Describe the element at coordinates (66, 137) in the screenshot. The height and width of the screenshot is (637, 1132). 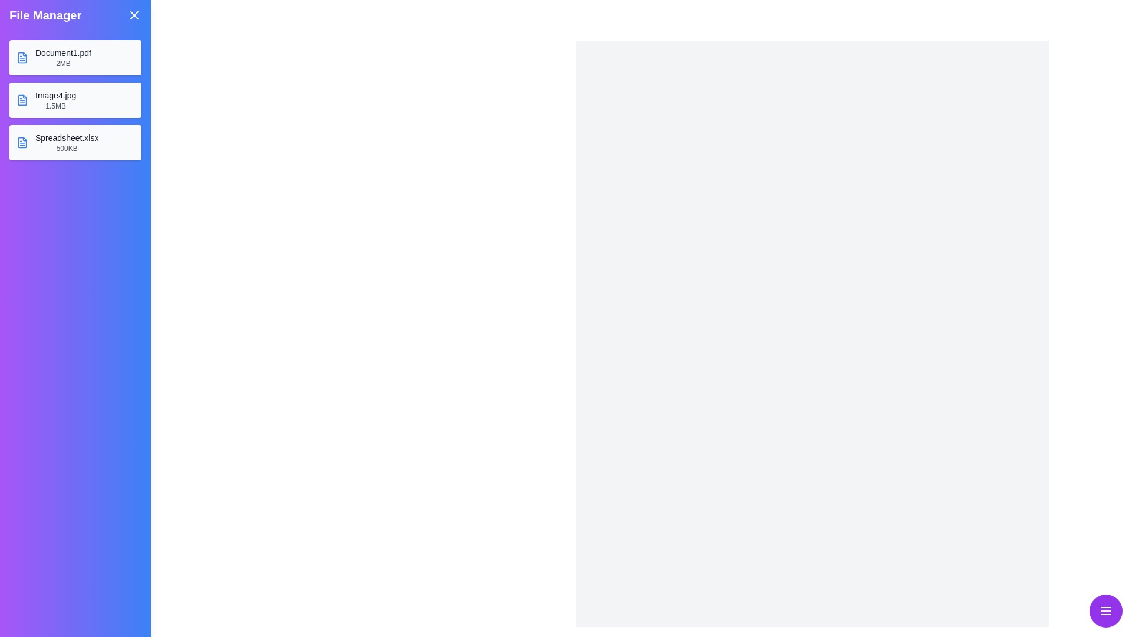
I see `the text label displaying the file name 'Spreadsheet.xlsx' within the file manager interface` at that location.